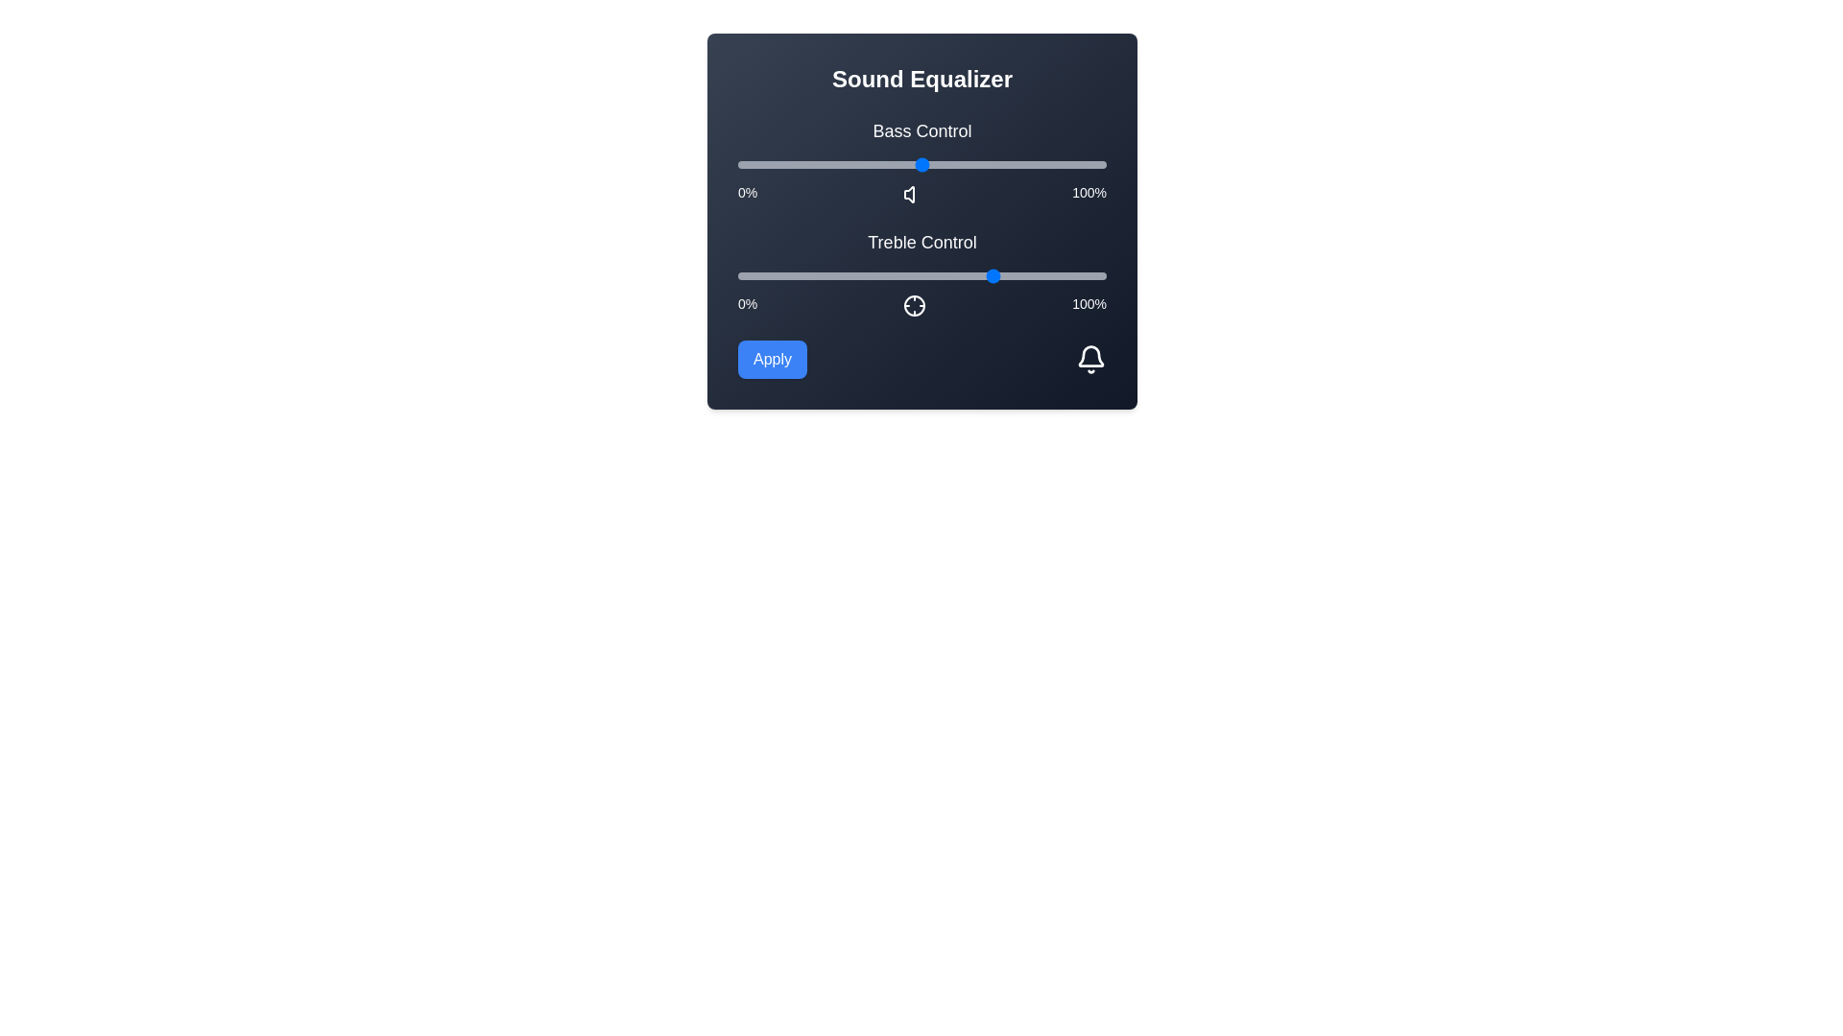 This screenshot has height=1036, width=1843. I want to click on the treble slider to 69%, so click(992, 276).